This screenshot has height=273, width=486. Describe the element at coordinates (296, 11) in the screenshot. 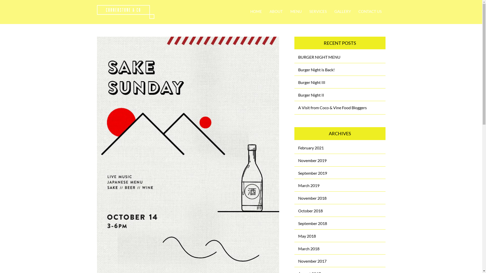

I see `'MENU'` at that location.